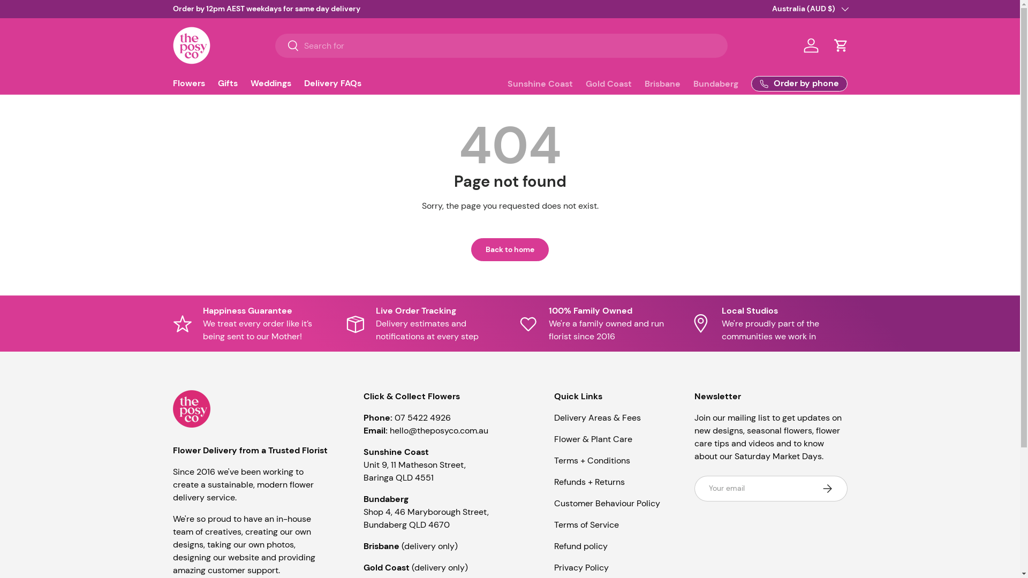 This screenshot has width=1028, height=578. What do you see at coordinates (840, 44) in the screenshot?
I see `'Cart'` at bounding box center [840, 44].